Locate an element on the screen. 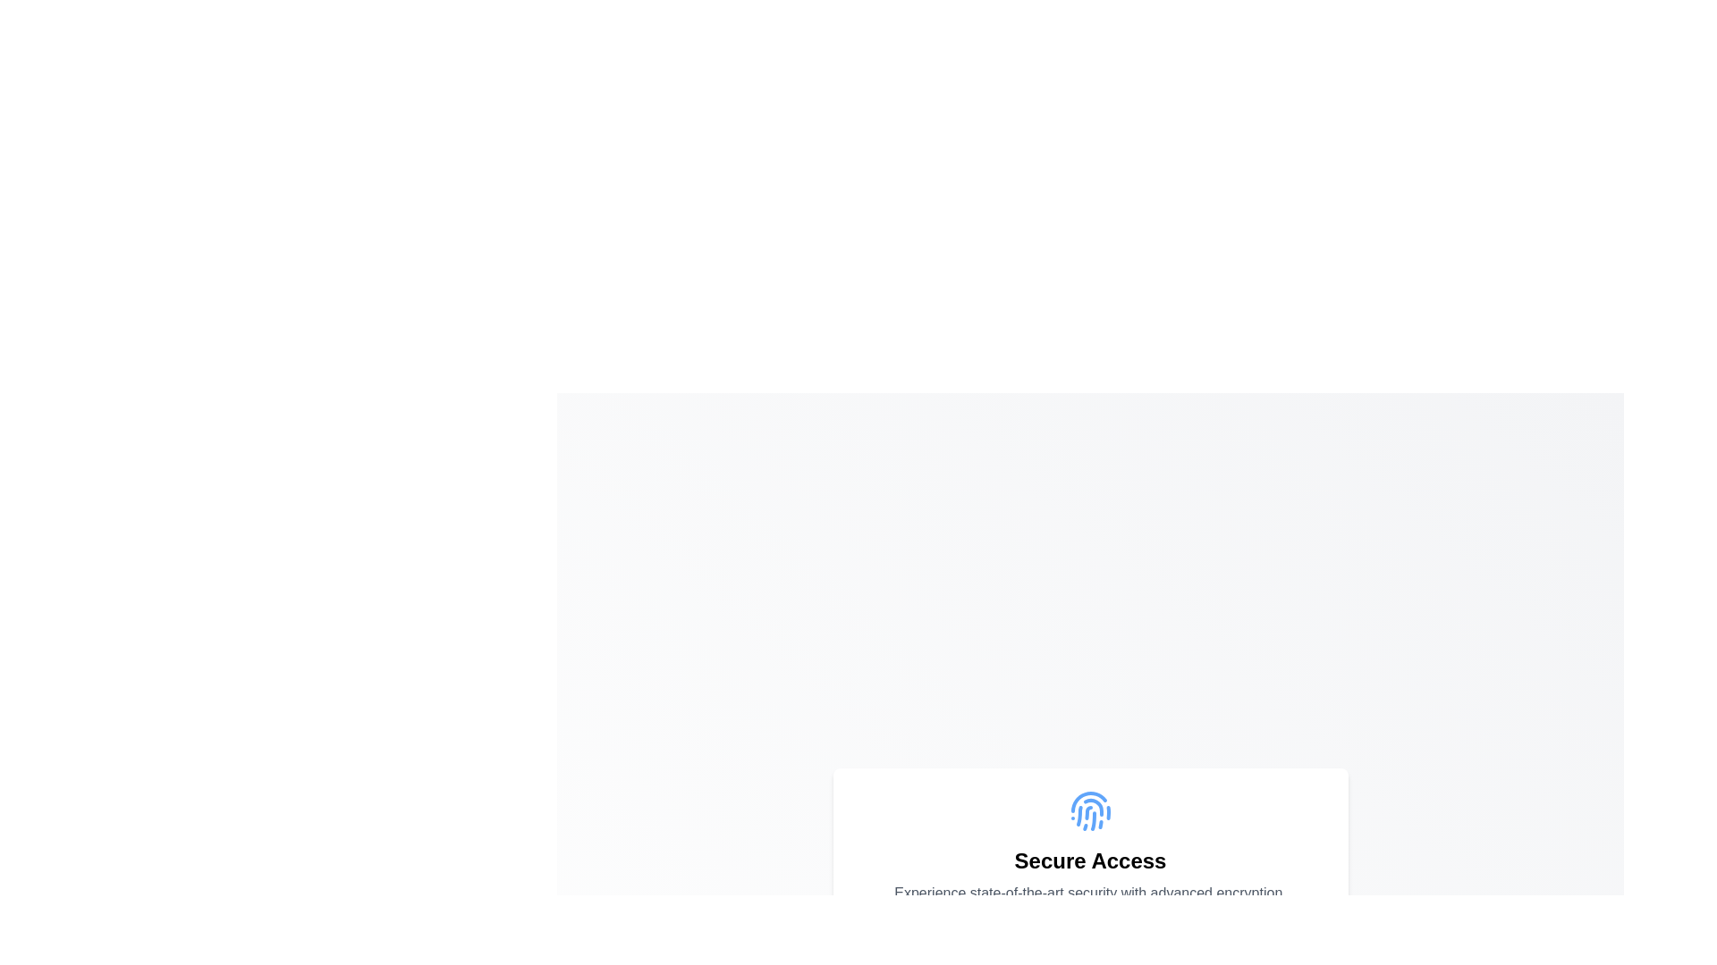  the biometric security icon located at the center of a white rectangular card above the 'Secure Access' text is located at coordinates (1089, 810).